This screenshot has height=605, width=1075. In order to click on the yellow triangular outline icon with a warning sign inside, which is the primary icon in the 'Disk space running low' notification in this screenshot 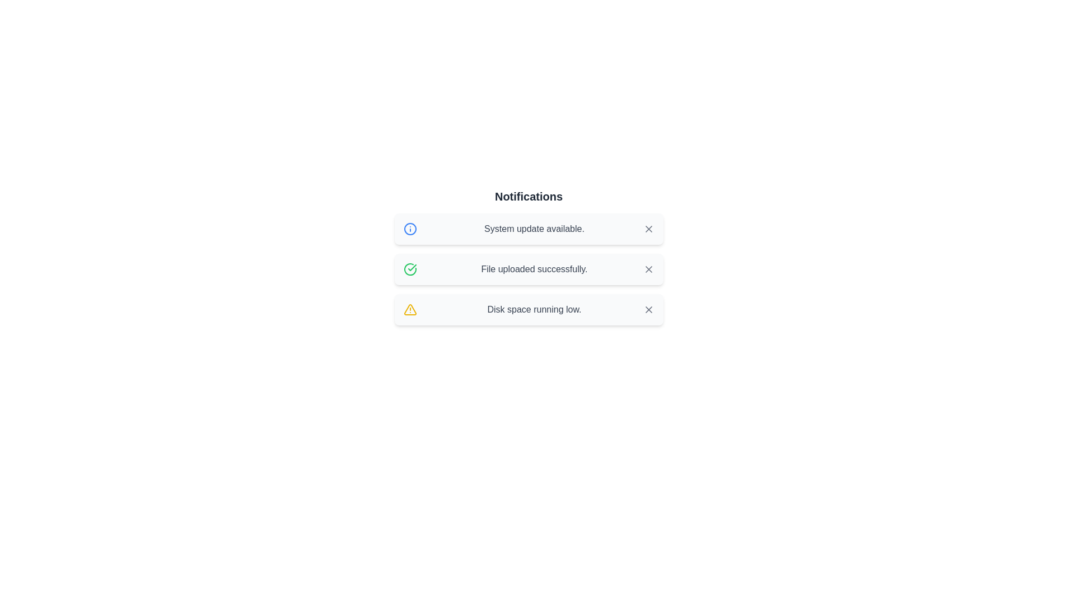, I will do `click(409, 309)`.